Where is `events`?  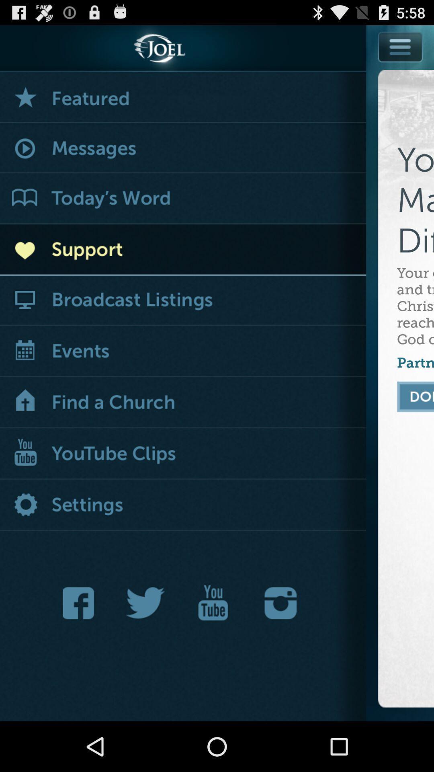
events is located at coordinates (183, 352).